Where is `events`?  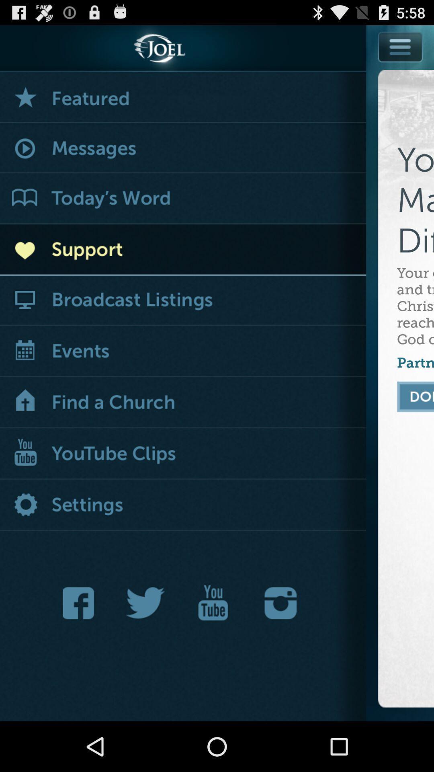
events is located at coordinates (183, 352).